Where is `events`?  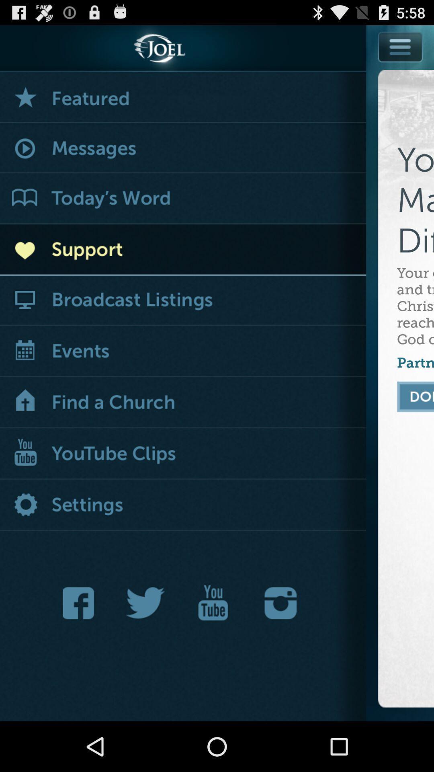
events is located at coordinates (183, 352).